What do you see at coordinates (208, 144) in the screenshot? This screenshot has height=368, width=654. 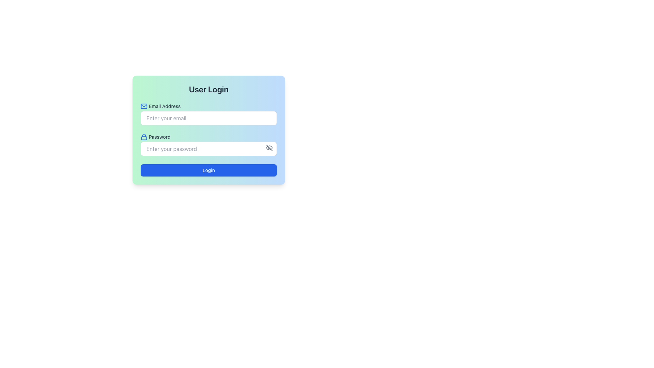 I see `the Password Input Field` at bounding box center [208, 144].